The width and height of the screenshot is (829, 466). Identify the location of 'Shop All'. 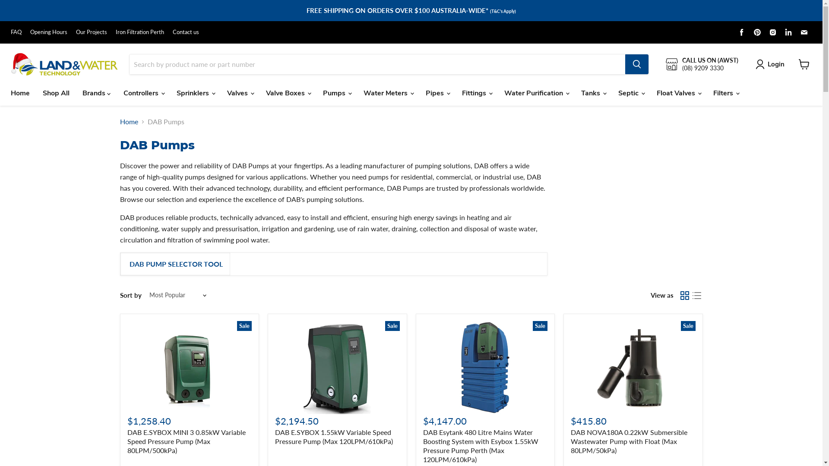
(55, 93).